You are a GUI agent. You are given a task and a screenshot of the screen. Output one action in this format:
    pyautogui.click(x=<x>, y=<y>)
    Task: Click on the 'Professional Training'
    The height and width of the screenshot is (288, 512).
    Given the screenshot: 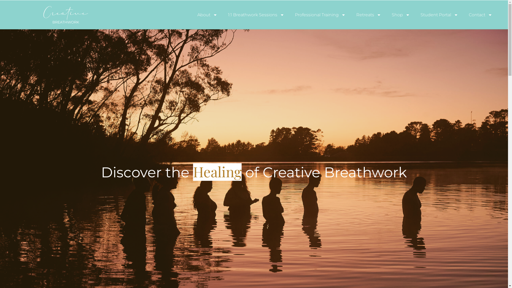 What is the action you would take?
    pyautogui.click(x=320, y=14)
    